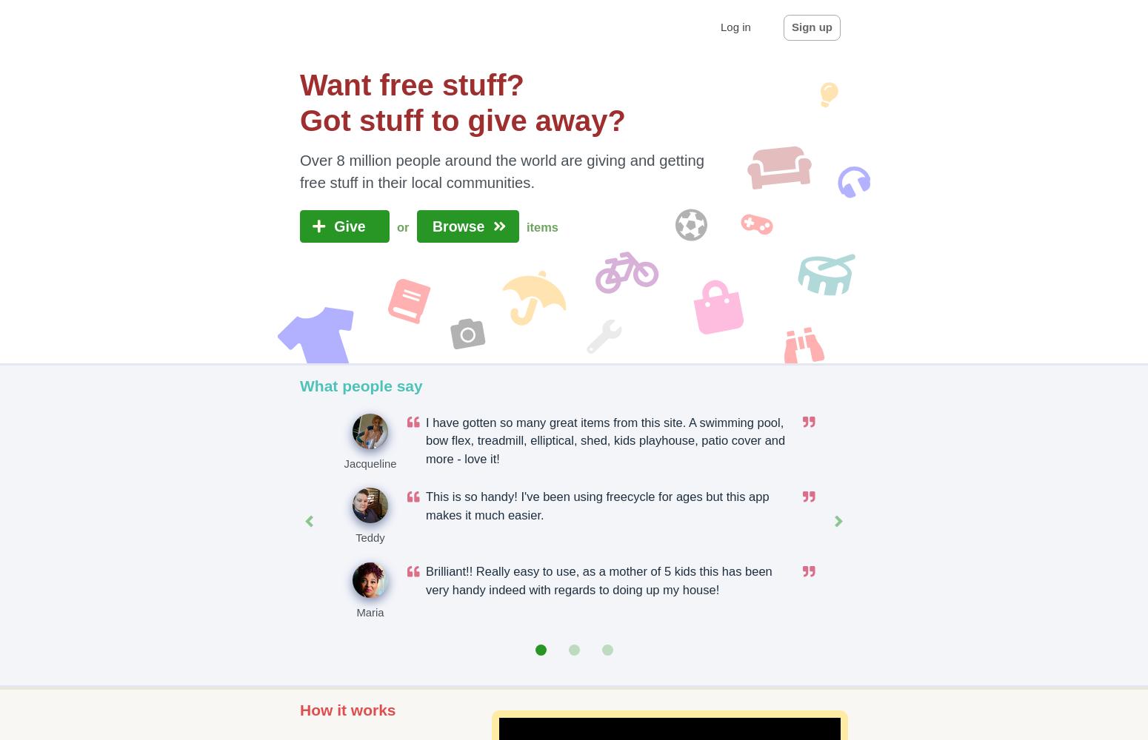  What do you see at coordinates (918, 612) in the screenshot?
I see `'Nick'` at bounding box center [918, 612].